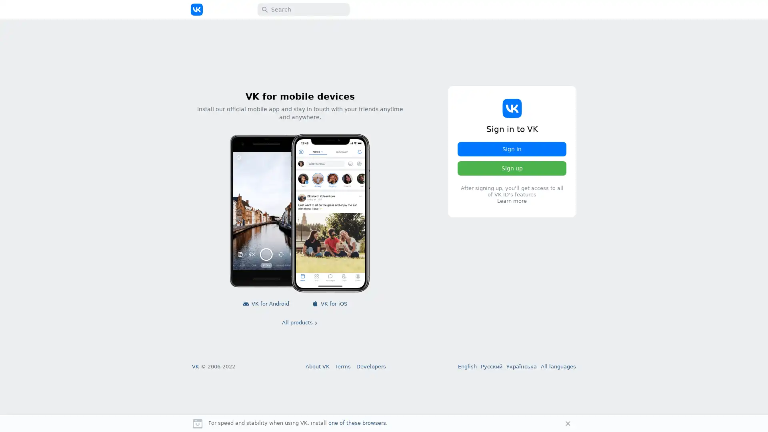 This screenshot has width=768, height=432. Describe the element at coordinates (512, 168) in the screenshot. I see `Sign up` at that location.